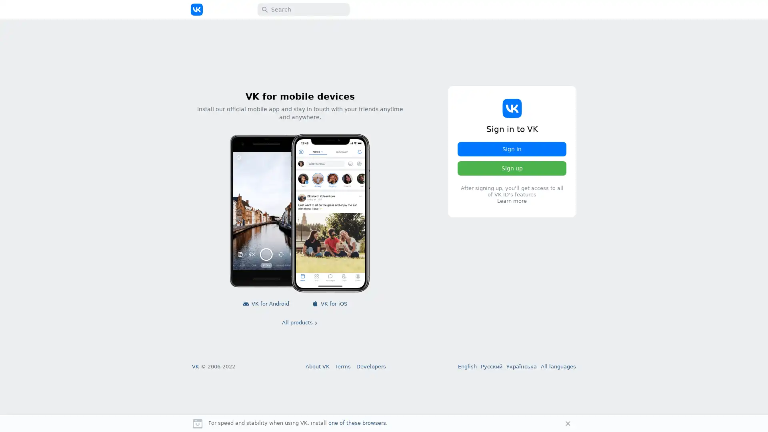 This screenshot has width=768, height=432. Describe the element at coordinates (512, 168) in the screenshot. I see `Sign up` at that location.